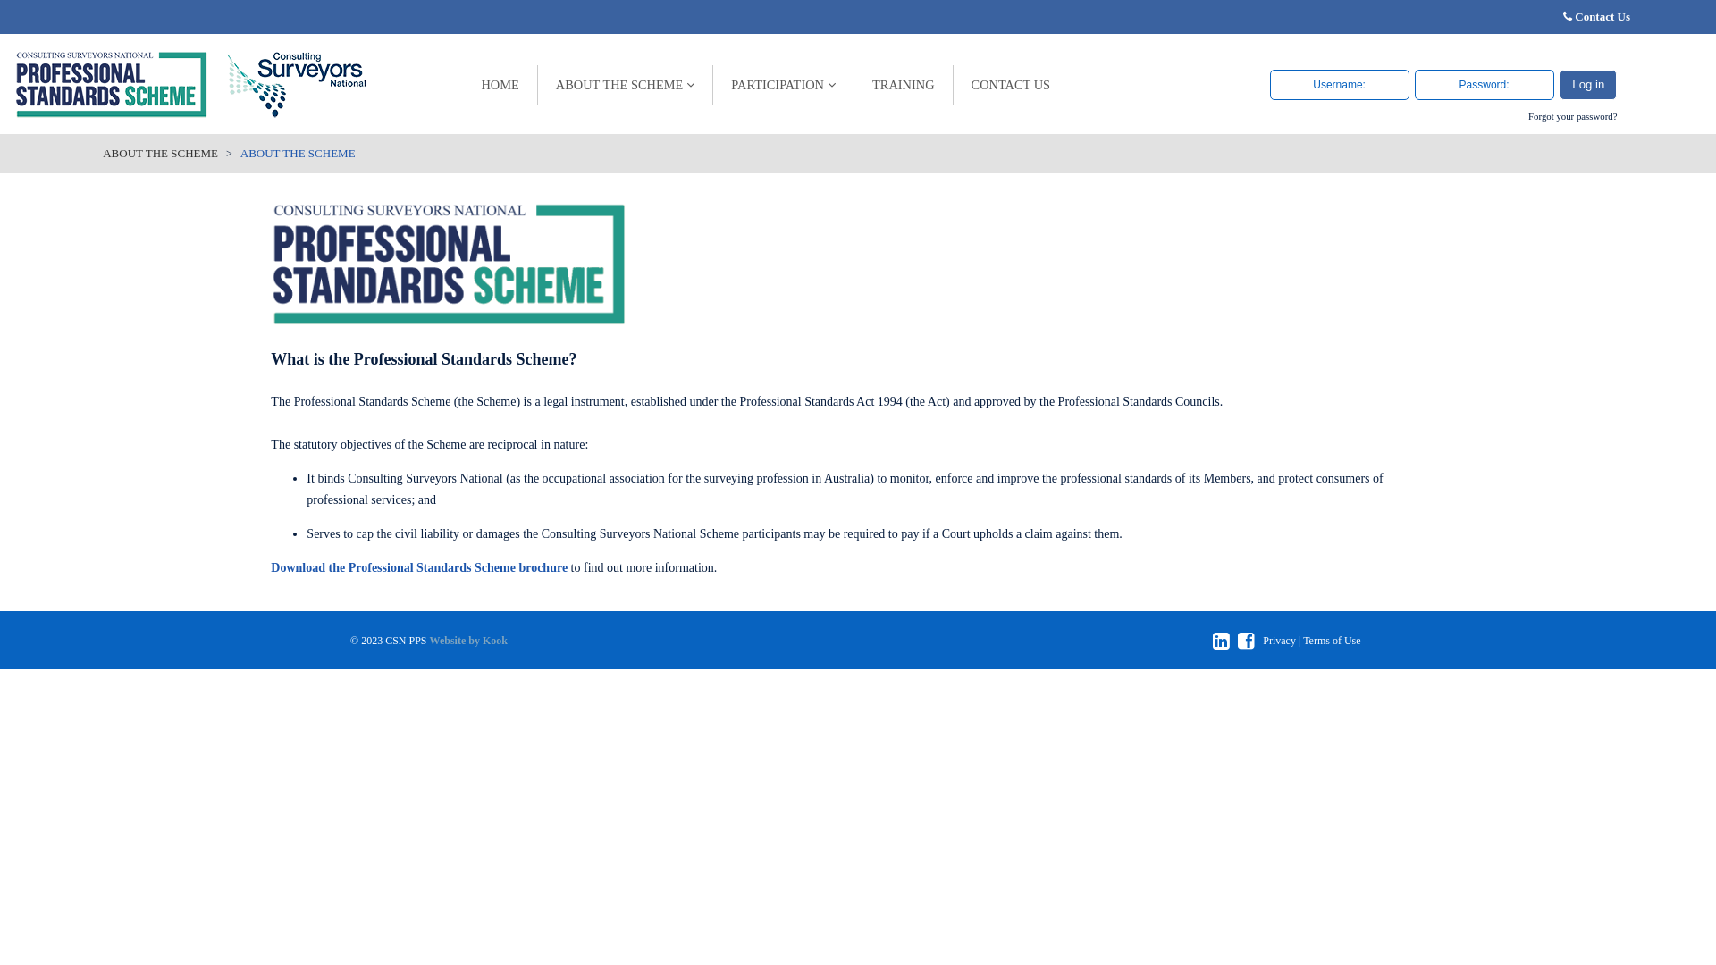  What do you see at coordinates (102, 152) in the screenshot?
I see `'ABOUT THE SCHEME'` at bounding box center [102, 152].